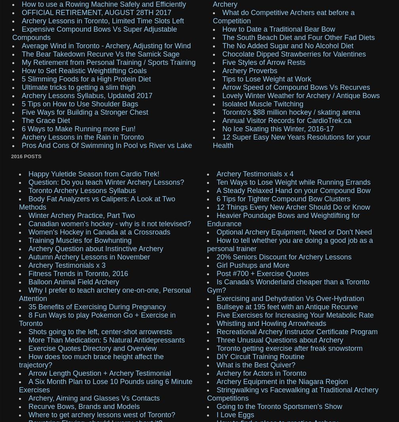 The height and width of the screenshot is (422, 399). What do you see at coordinates (262, 103) in the screenshot?
I see `'Isolated Muscle Twitching'` at bounding box center [262, 103].